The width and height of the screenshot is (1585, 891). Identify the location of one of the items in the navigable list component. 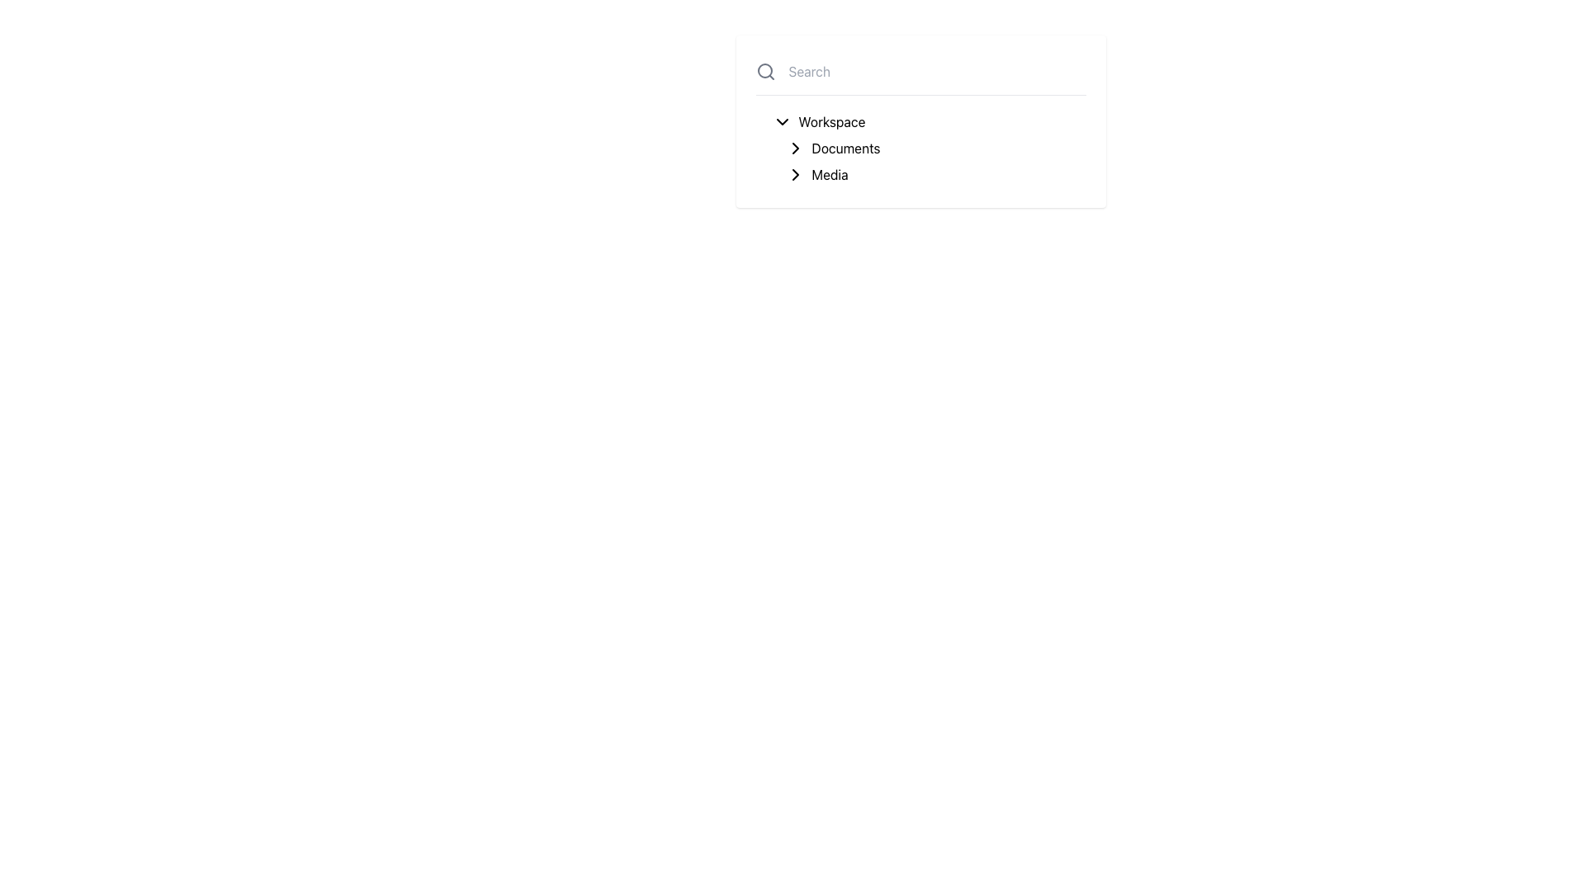
(920, 148).